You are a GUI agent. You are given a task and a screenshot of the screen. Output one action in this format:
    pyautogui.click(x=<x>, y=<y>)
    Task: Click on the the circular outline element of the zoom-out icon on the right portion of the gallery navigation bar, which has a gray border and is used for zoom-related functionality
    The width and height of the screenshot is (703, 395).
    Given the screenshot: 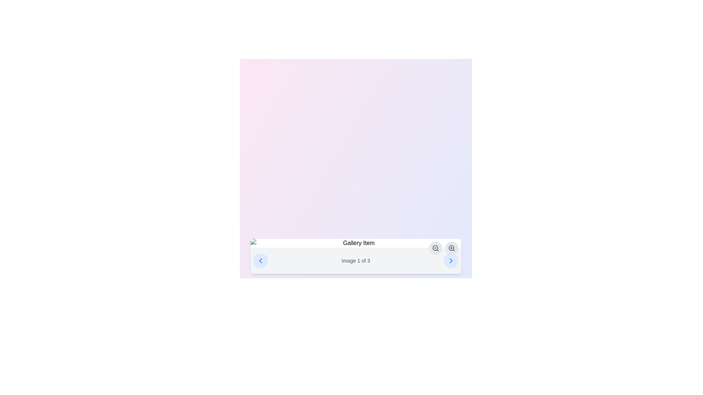 What is the action you would take?
    pyautogui.click(x=435, y=248)
    